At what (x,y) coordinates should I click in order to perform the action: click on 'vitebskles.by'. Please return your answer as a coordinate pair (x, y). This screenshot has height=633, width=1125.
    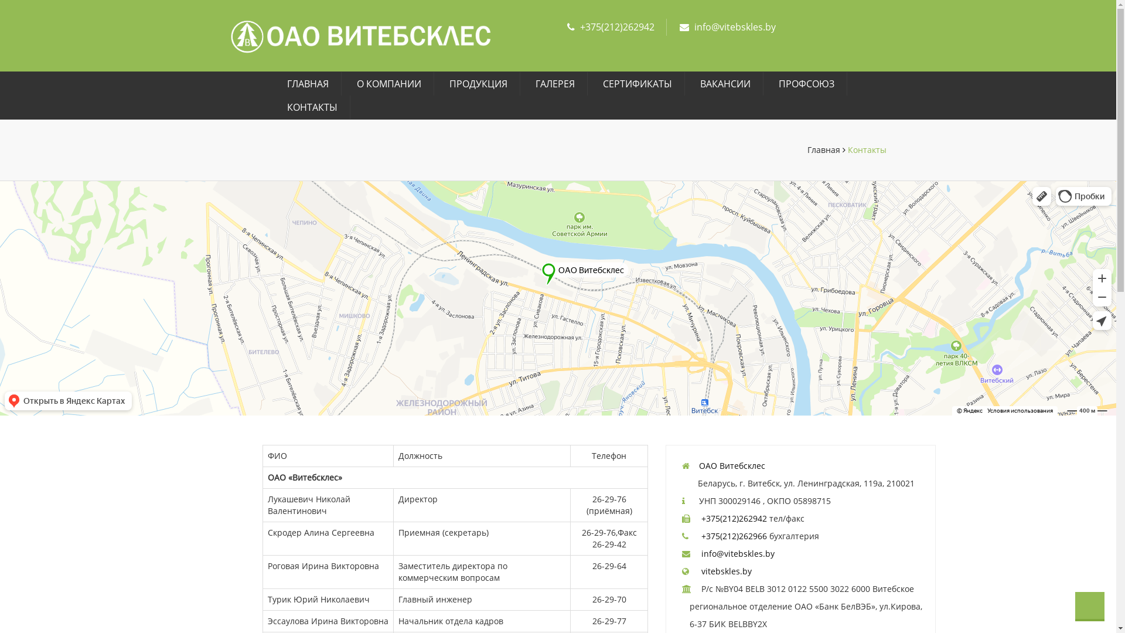
    Looking at the image, I should click on (725, 570).